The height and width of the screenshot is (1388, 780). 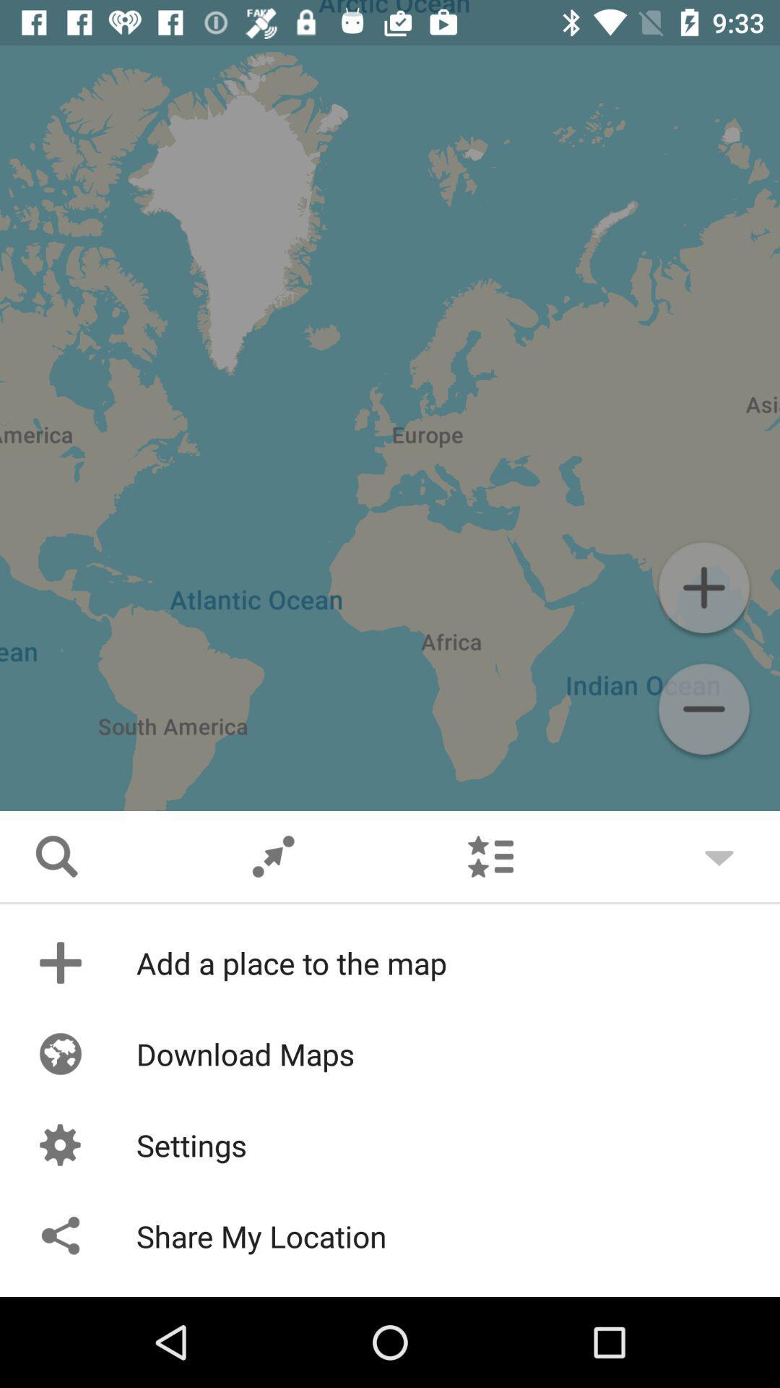 What do you see at coordinates (715, 857) in the screenshot?
I see `the expand_more icon` at bounding box center [715, 857].